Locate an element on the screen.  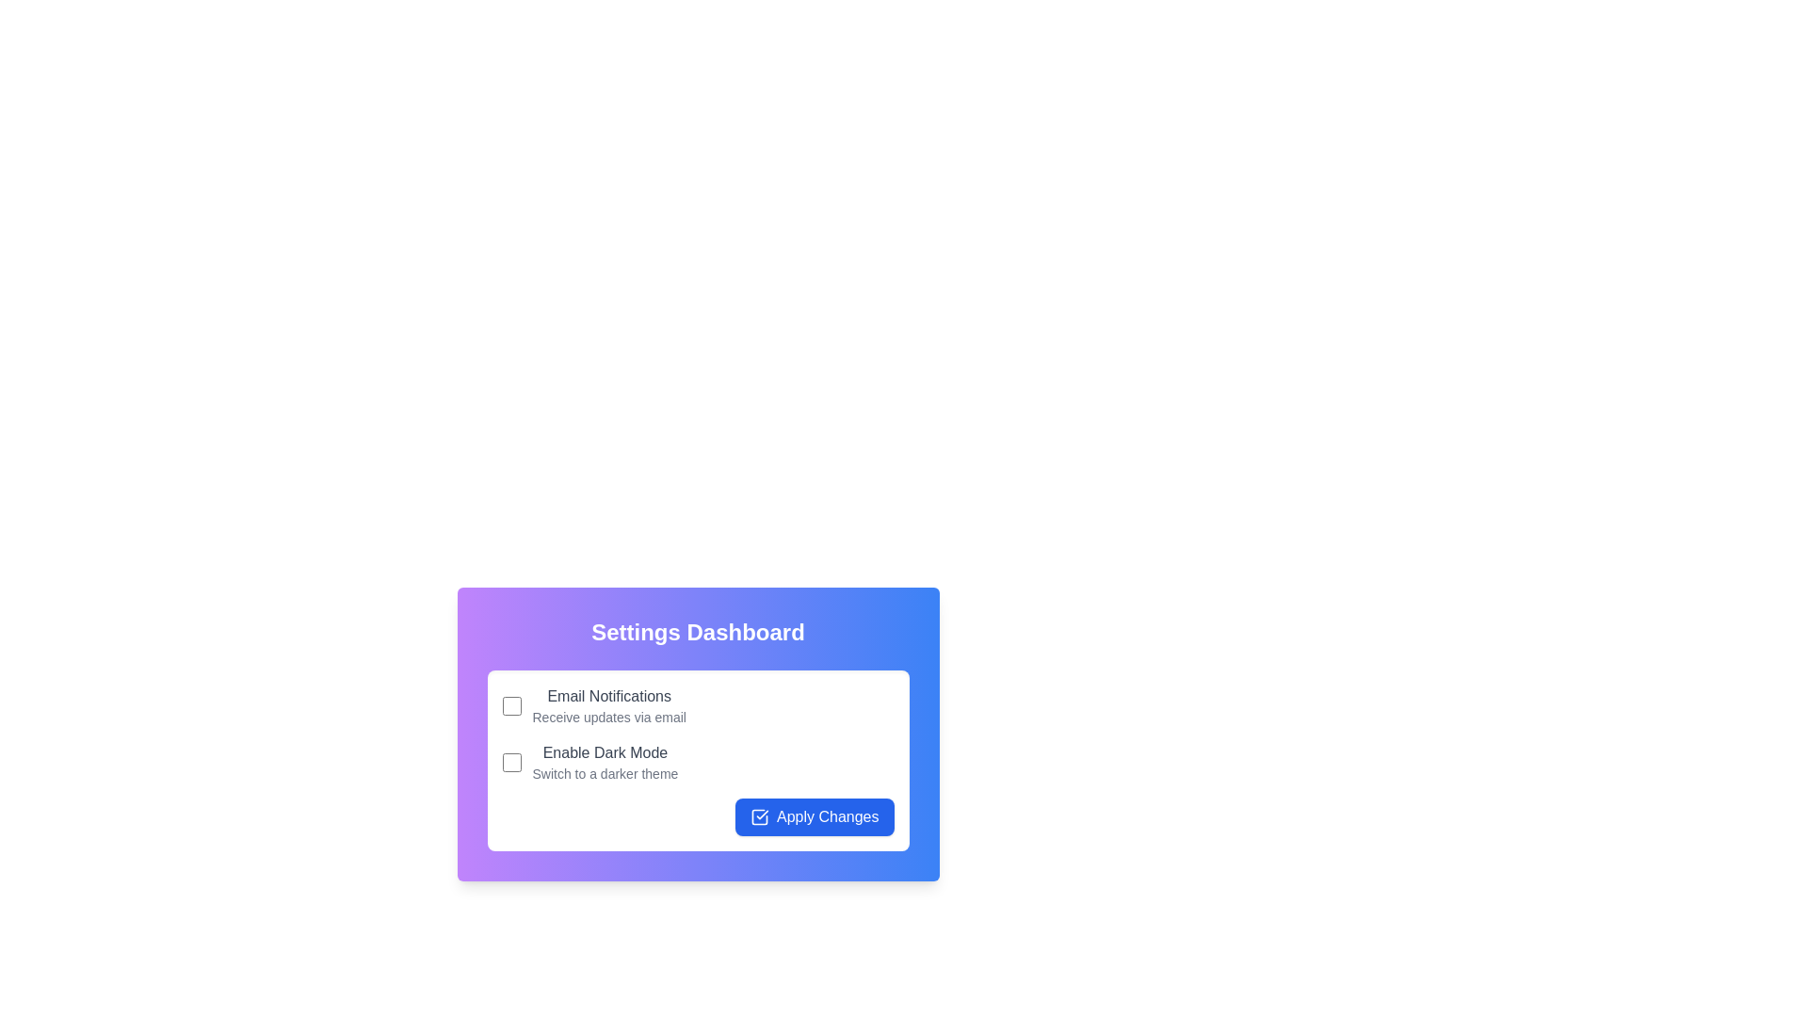
the checkbox for enabling 'Email Notifications', which is styled with a rounded border and is located to the left of the bold text 'Email Notifications' is located at coordinates (511, 705).